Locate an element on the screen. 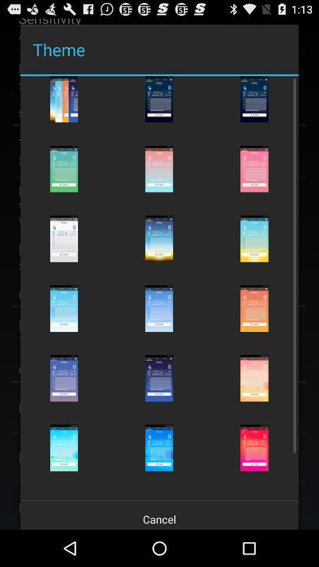 This screenshot has width=319, height=567. the cancel icon is located at coordinates (159, 514).